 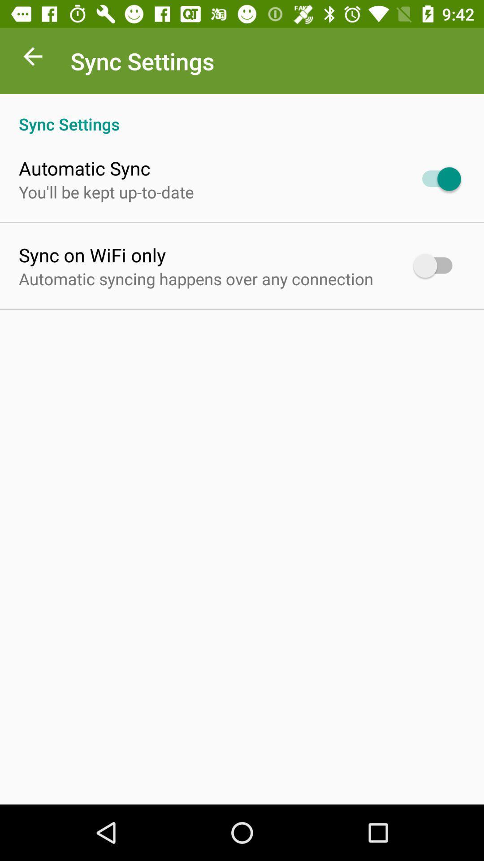 I want to click on app below you ll be app, so click(x=92, y=254).